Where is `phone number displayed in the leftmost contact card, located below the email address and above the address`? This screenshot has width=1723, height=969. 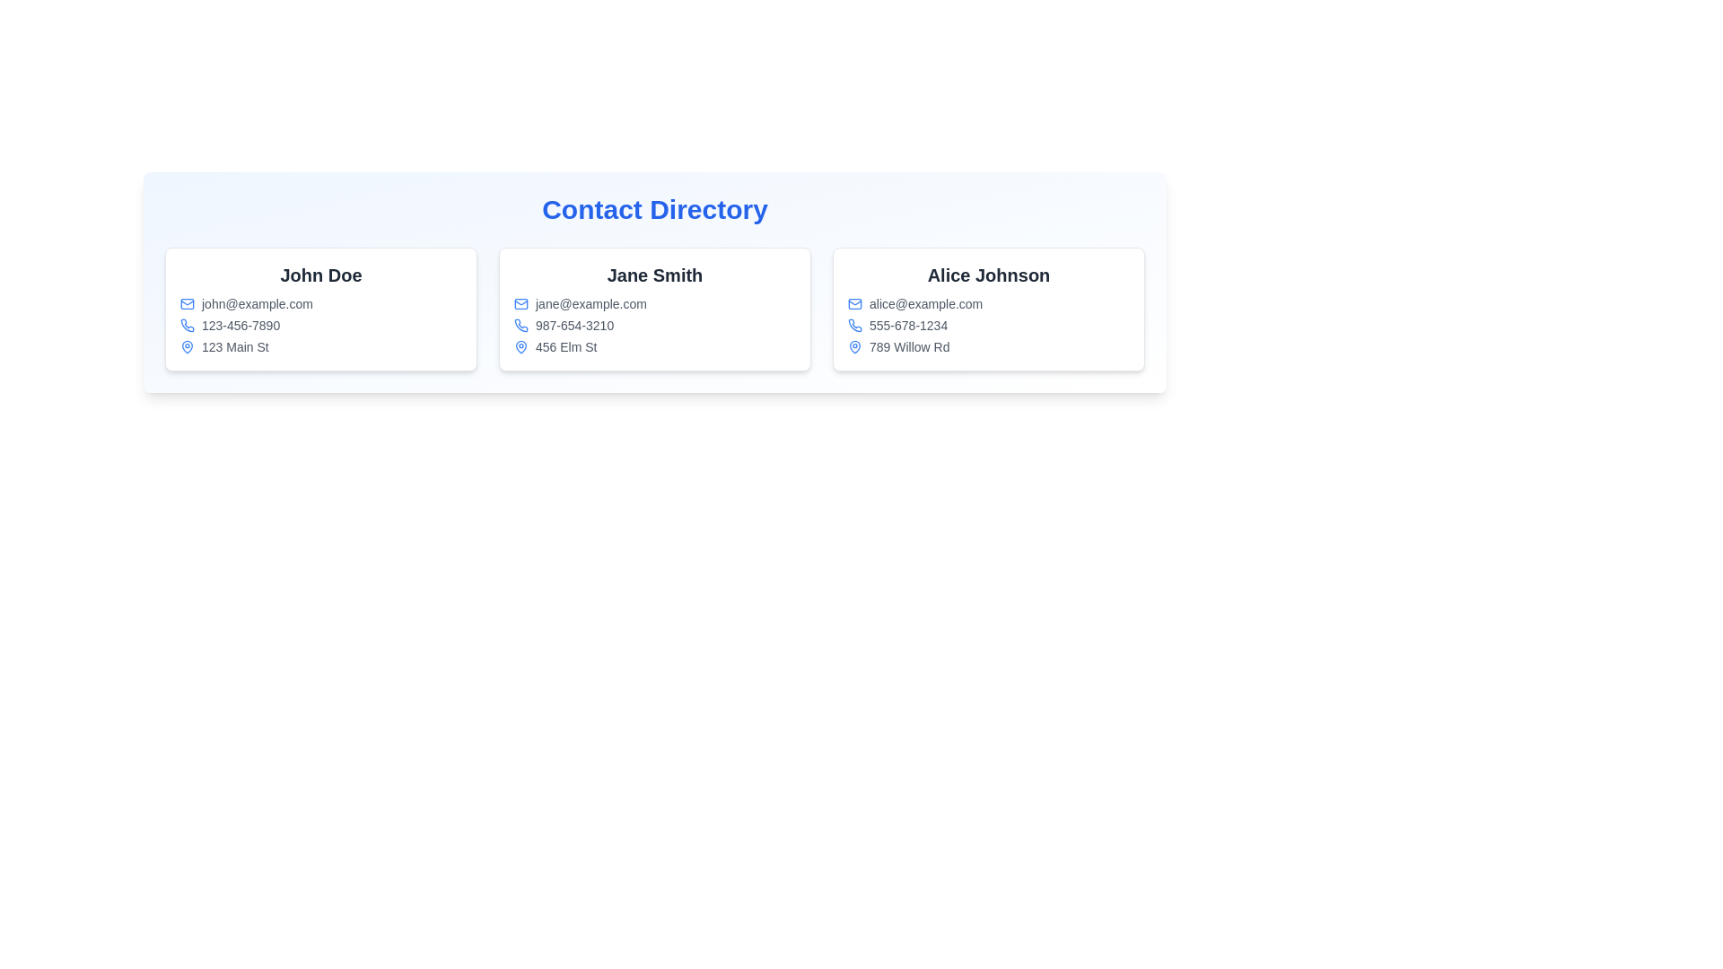
phone number displayed in the leftmost contact card, located below the email address and above the address is located at coordinates (321, 325).